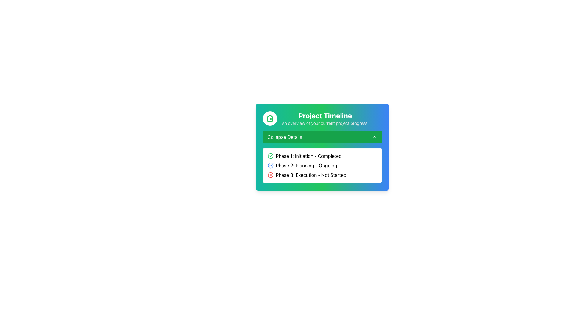 This screenshot has height=321, width=571. What do you see at coordinates (306, 165) in the screenshot?
I see `the text label that reads 'Phase 2: Planning - Ongoing' which is styled in bold black font and is accompanied by a circular blue icon with a check mark, located in the 'Project Timeline' card` at bounding box center [306, 165].